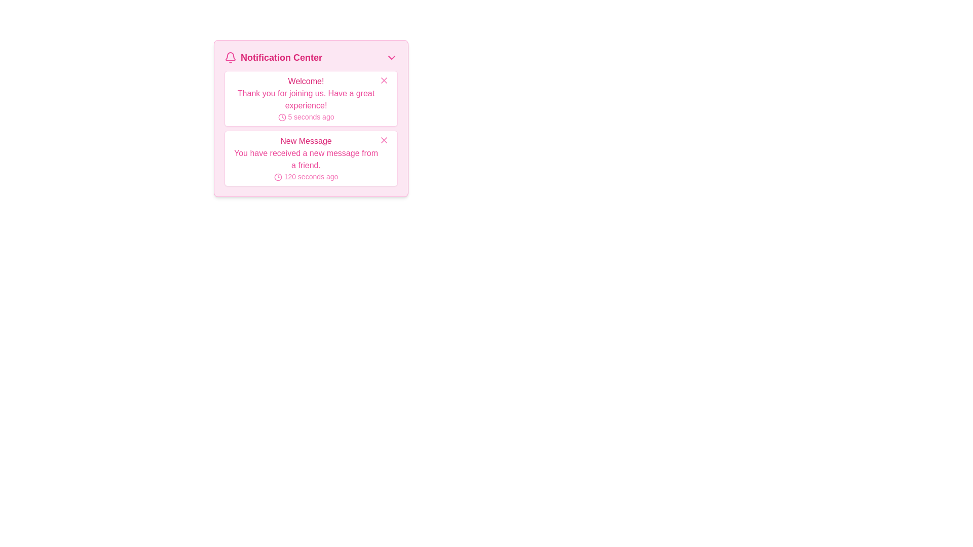 The image size is (973, 547). Describe the element at coordinates (306, 99) in the screenshot. I see `welcoming message text displayed as part of the notification system, which is centrally located beneath the header 'Welcome!' and above the timestamp '5 seconds ago'` at that location.